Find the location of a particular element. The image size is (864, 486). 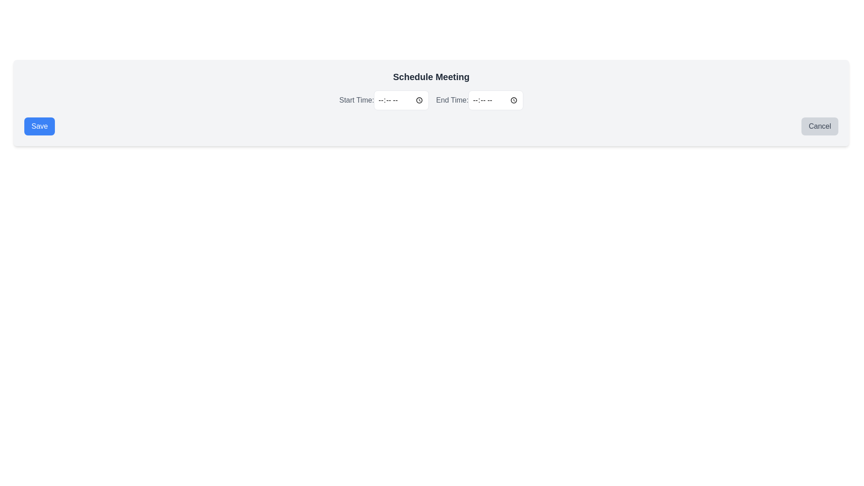

the time-picker input box is located at coordinates (431, 100).